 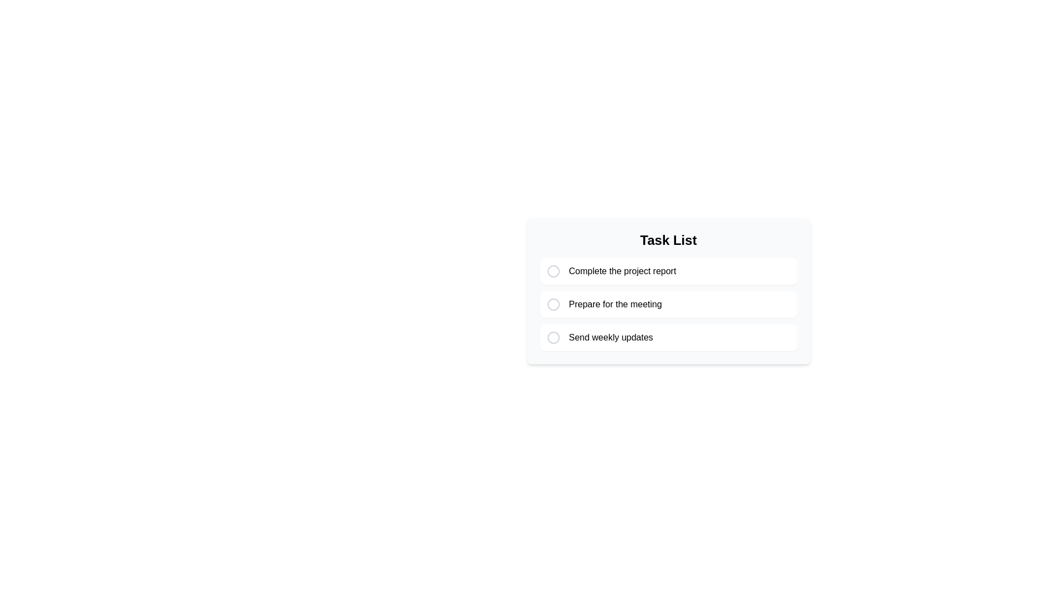 I want to click on the second Task item in the Task List section, which is located between 'Complete the project report' and 'Send weekly updates', so click(x=668, y=305).